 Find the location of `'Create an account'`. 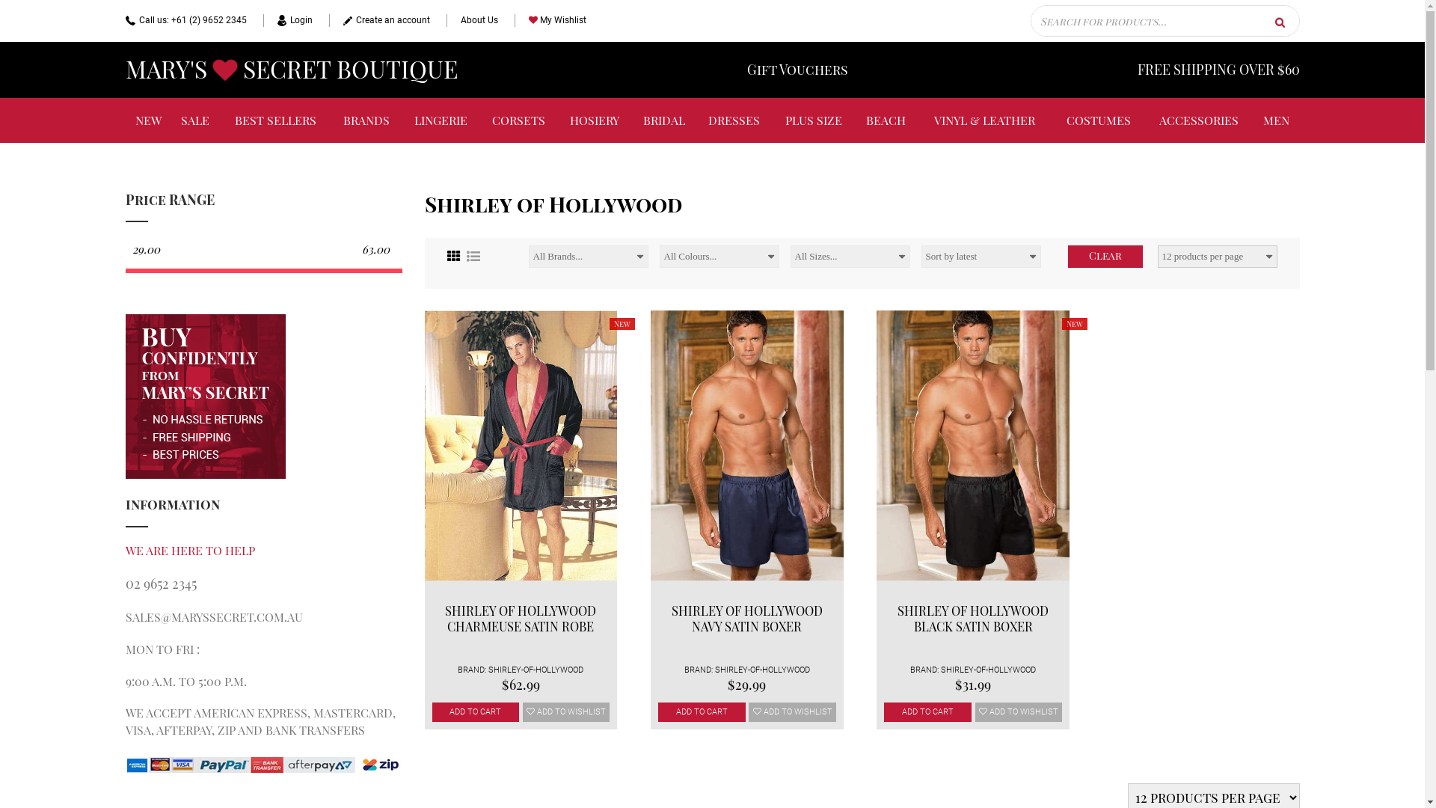

'Create an account' is located at coordinates (379, 20).